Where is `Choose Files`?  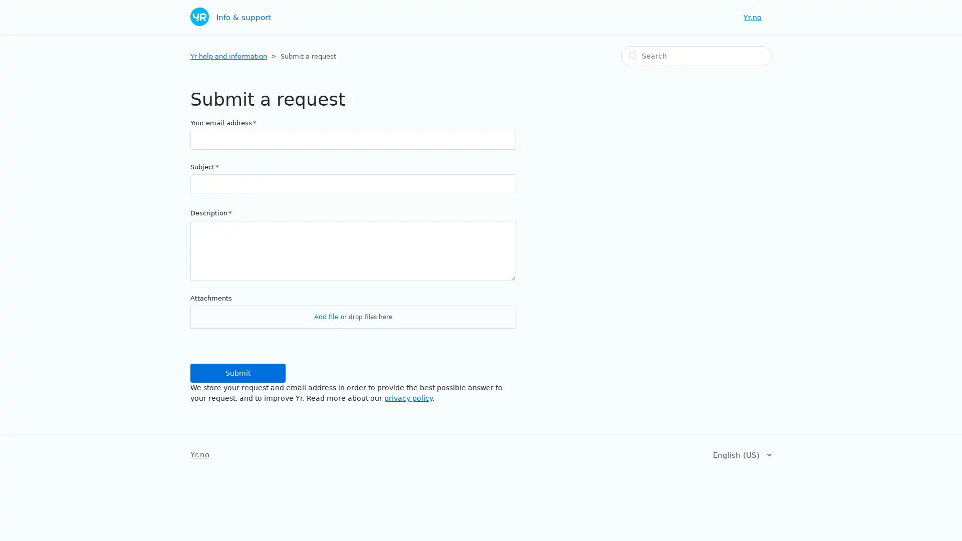
Choose Files is located at coordinates (222, 317).